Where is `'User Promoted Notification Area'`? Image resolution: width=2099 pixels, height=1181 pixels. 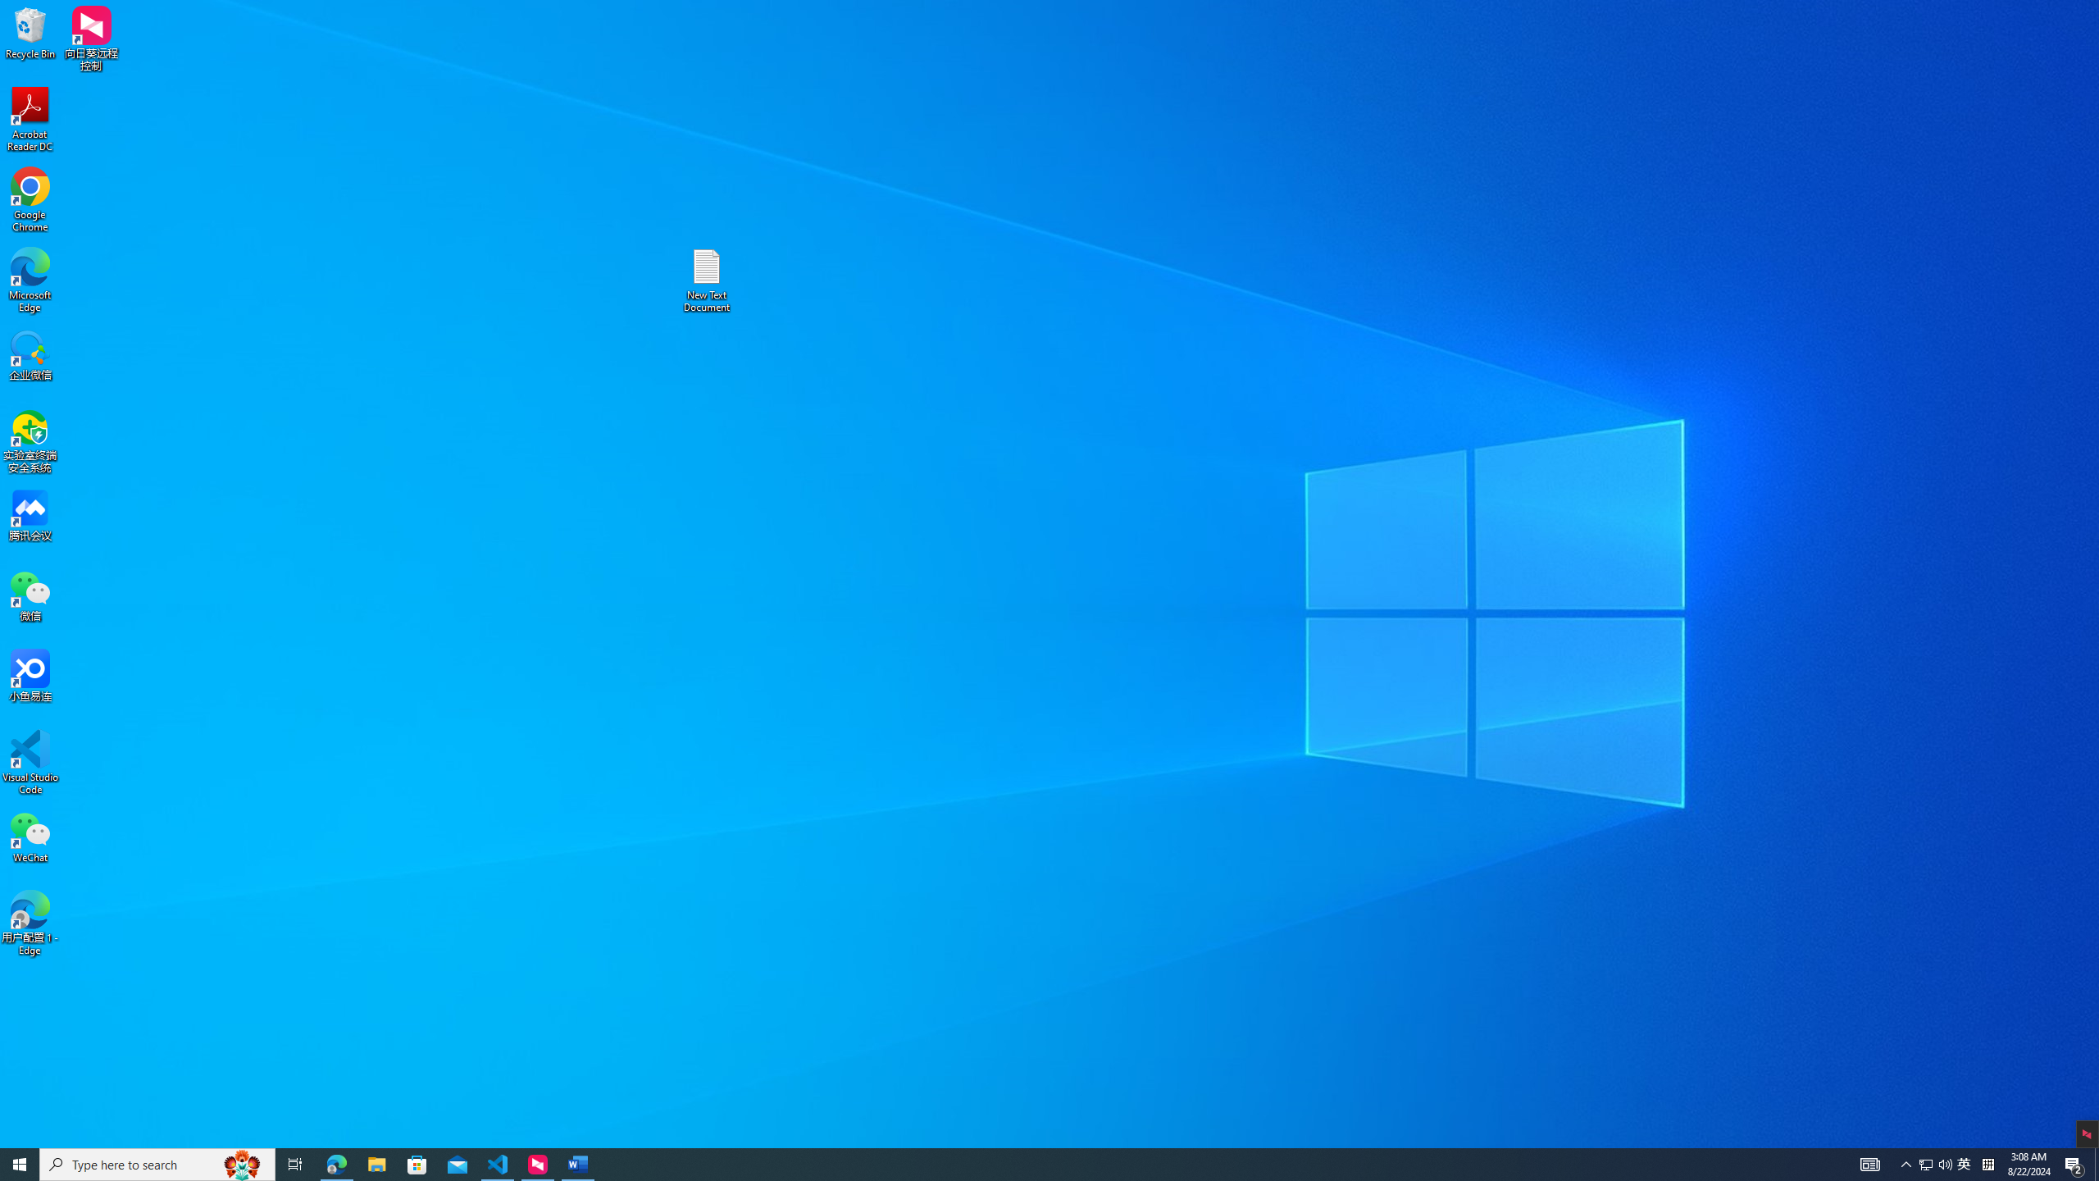
'User Promoted Notification Area' is located at coordinates (1965, 1163).